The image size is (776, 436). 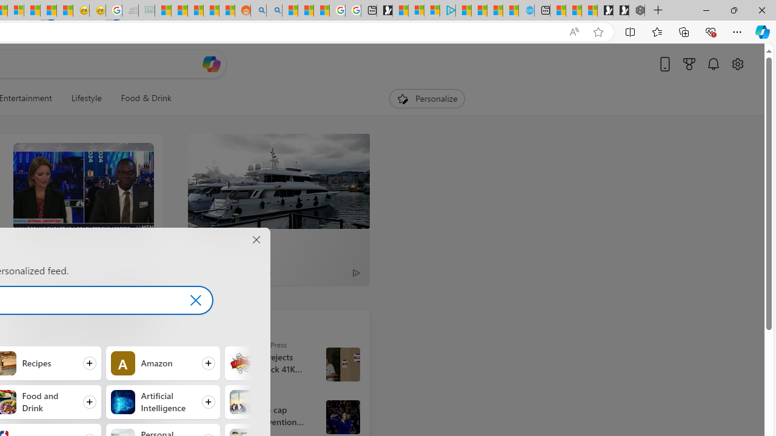 I want to click on 'Home | Sky Blue Bikes - Sky Blue Bikes', so click(x=526, y=10).